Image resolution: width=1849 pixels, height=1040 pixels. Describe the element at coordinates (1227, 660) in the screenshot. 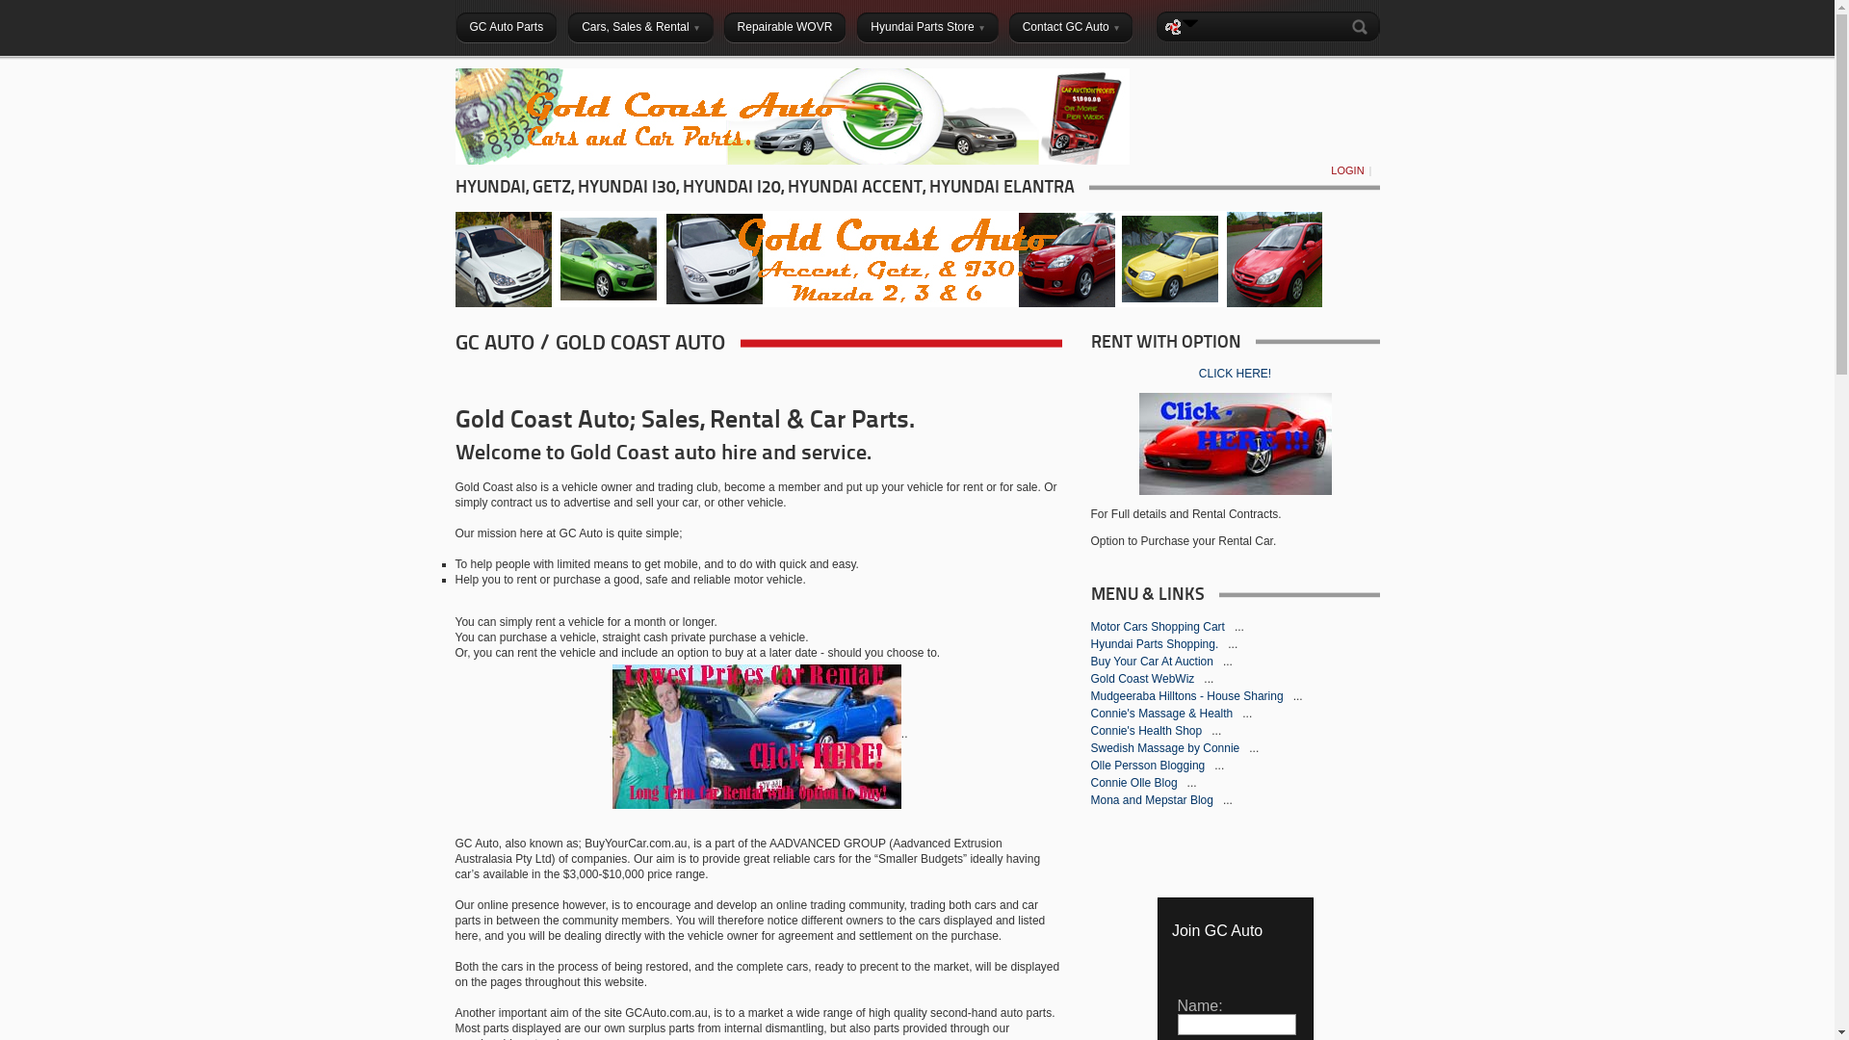

I see `'...'` at that location.